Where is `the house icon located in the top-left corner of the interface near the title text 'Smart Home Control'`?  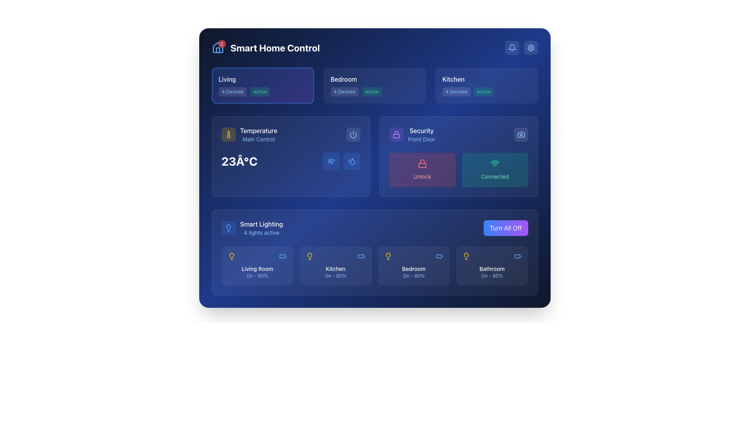
the house icon located in the top-left corner of the interface near the title text 'Smart Home Control' is located at coordinates (218, 48).